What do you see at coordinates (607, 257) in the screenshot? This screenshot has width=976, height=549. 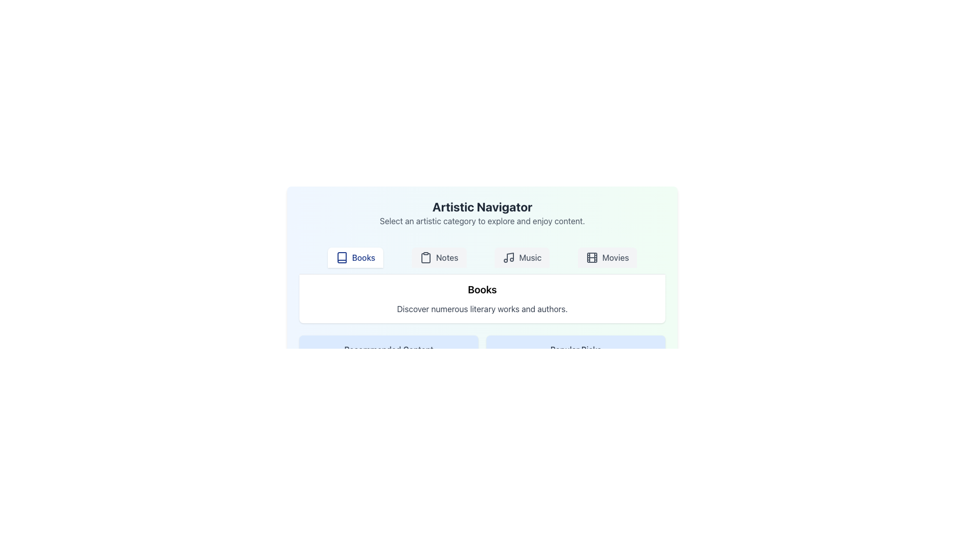 I see `the fourth button in the row of options` at bounding box center [607, 257].